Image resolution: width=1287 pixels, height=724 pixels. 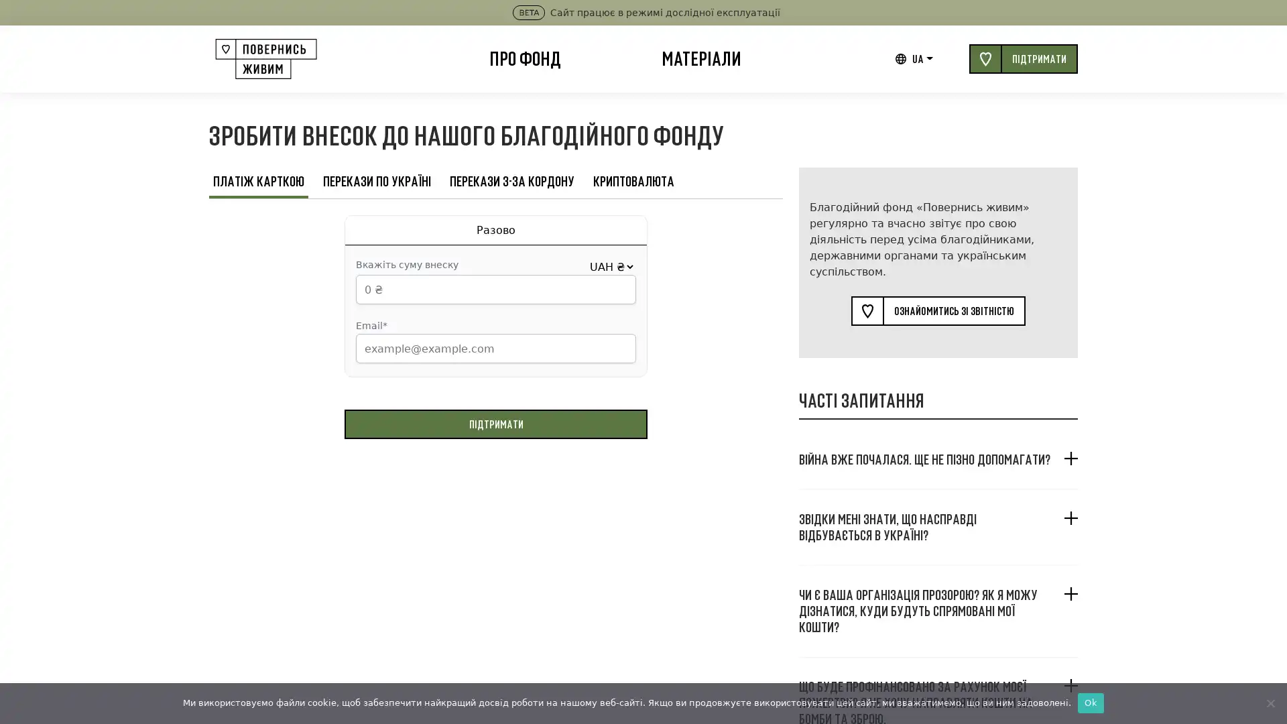 What do you see at coordinates (938, 526) in the screenshot?
I see `,     ?` at bounding box center [938, 526].